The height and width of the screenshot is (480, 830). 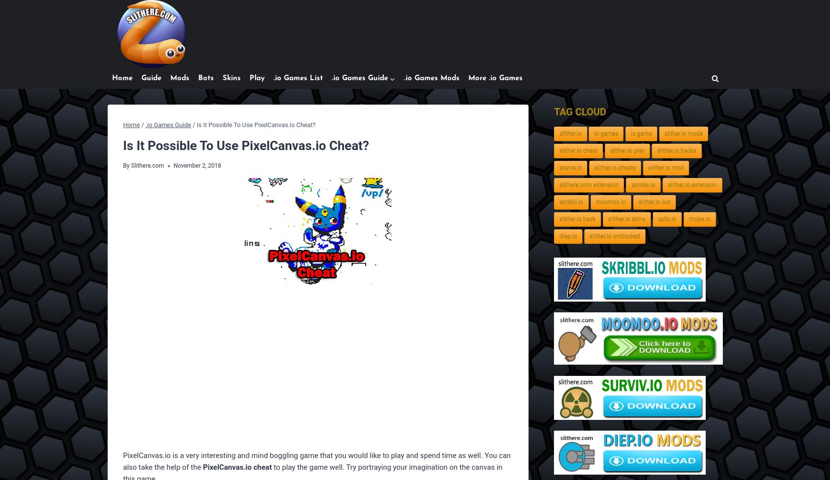 What do you see at coordinates (614, 237) in the screenshot?
I see `'slither.io unblocked'` at bounding box center [614, 237].